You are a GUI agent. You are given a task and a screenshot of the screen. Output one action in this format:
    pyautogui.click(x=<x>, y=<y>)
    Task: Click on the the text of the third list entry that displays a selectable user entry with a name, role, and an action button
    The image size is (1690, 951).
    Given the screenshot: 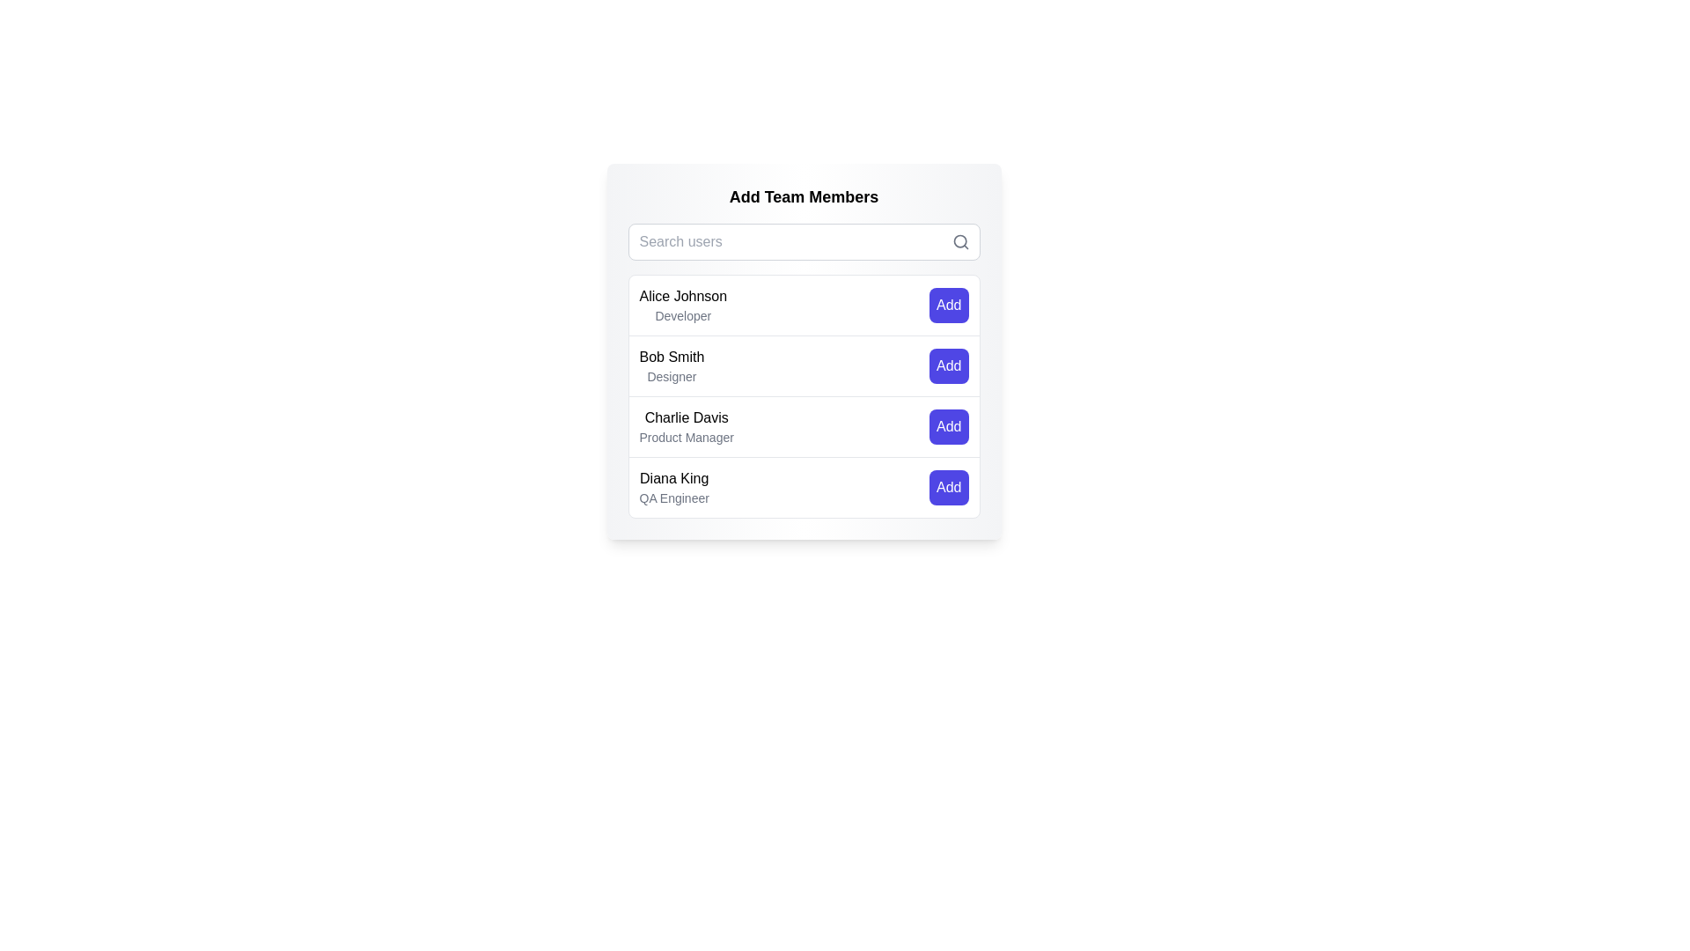 What is the action you would take?
    pyautogui.click(x=803, y=396)
    